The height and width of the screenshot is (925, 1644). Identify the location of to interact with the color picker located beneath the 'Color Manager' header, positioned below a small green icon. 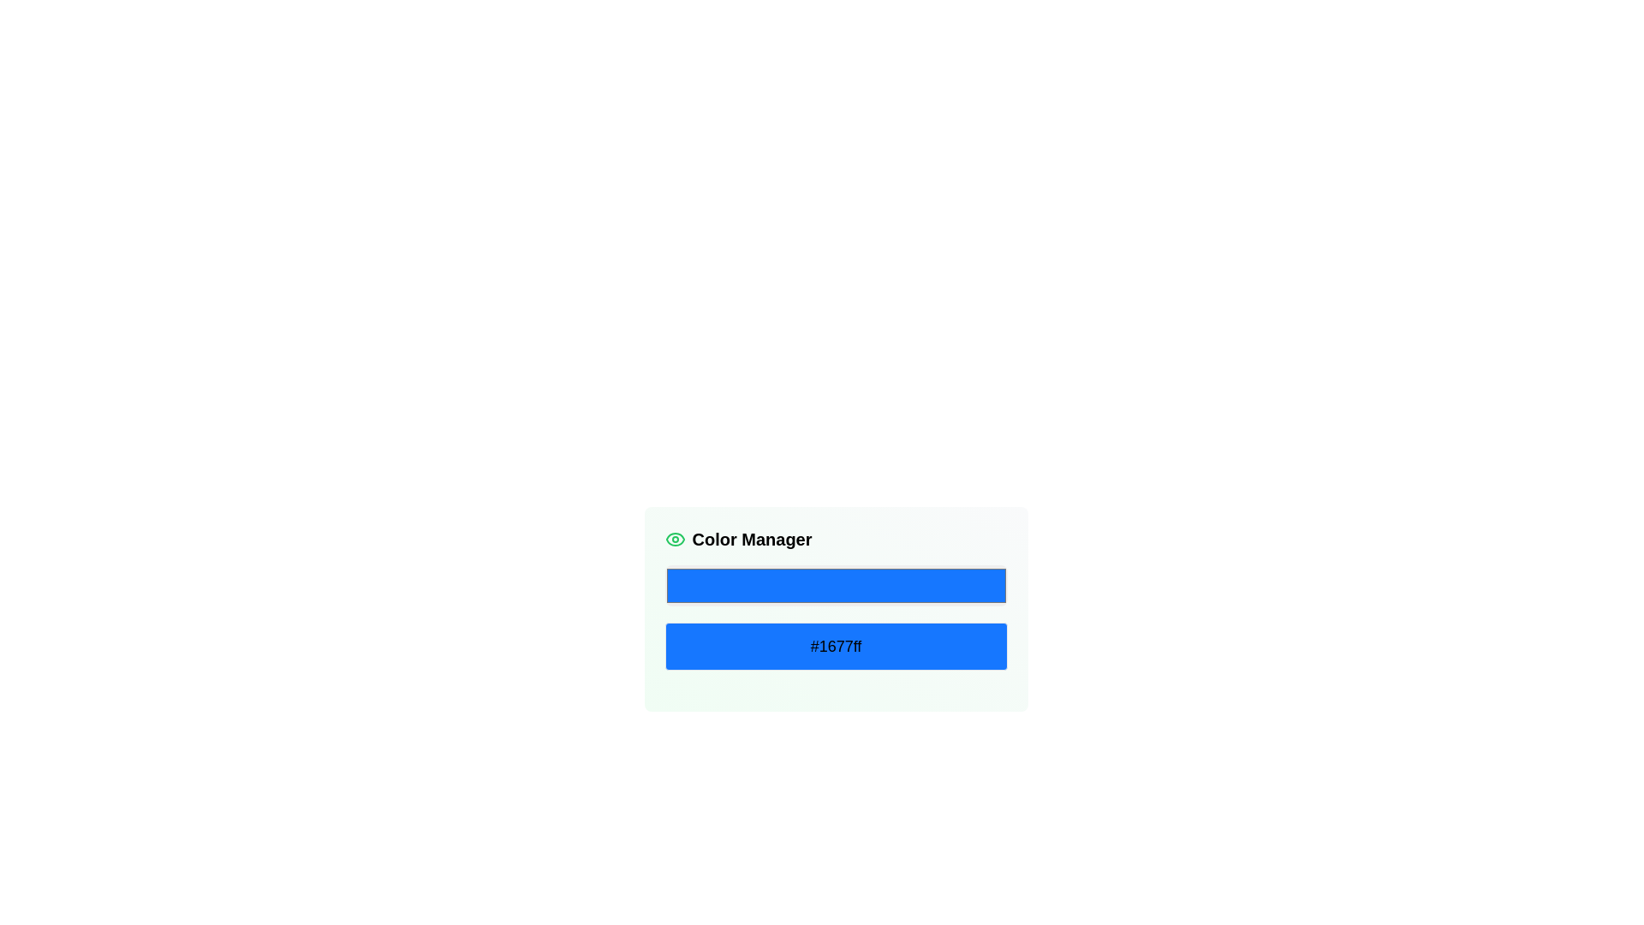
(836, 598).